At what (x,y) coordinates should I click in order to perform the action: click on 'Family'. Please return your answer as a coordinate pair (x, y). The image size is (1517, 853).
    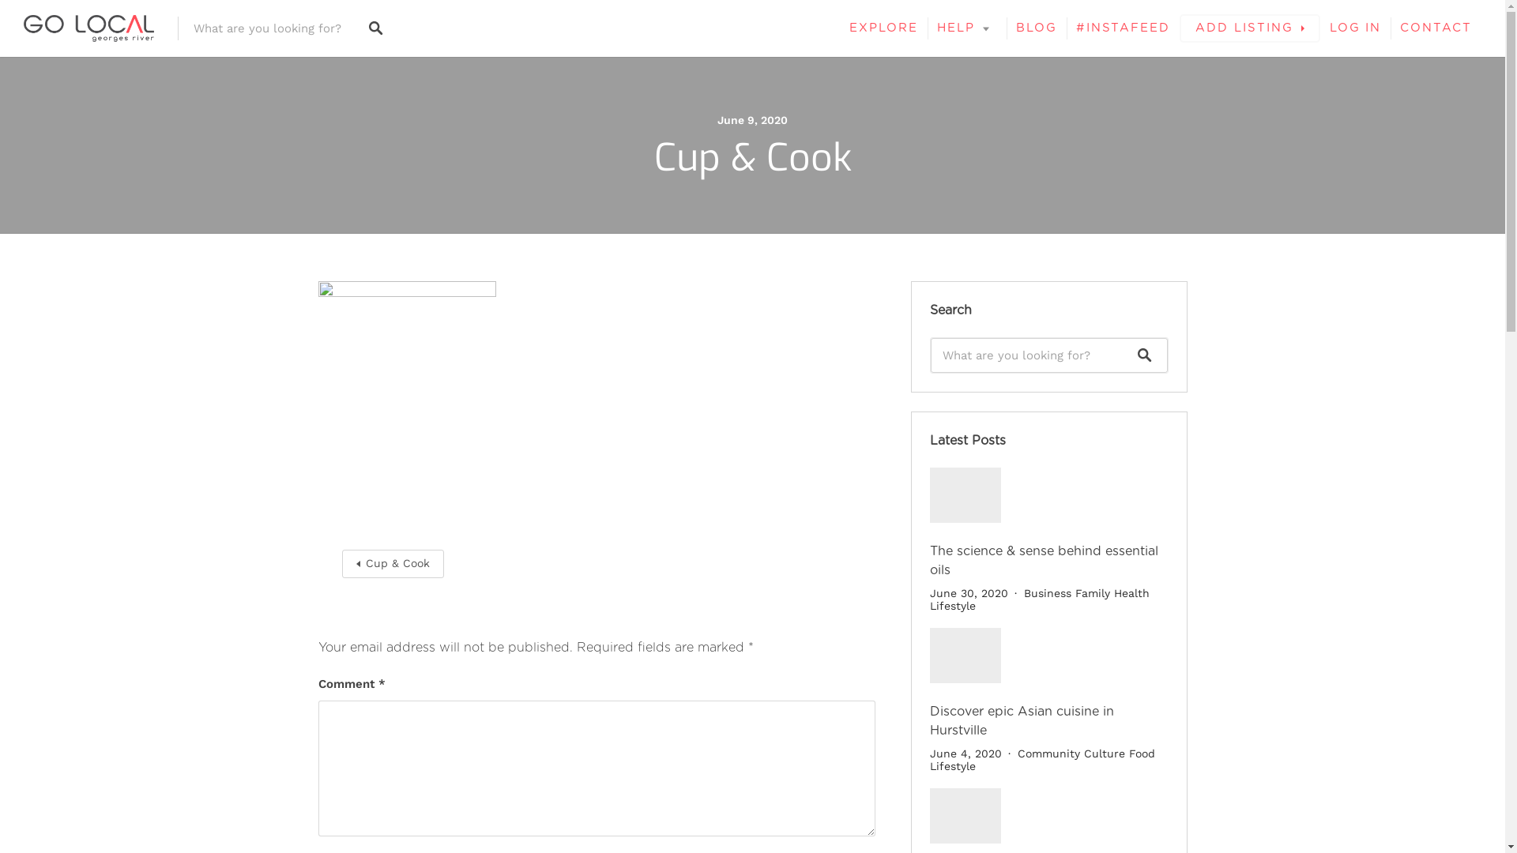
    Looking at the image, I should click on (1091, 593).